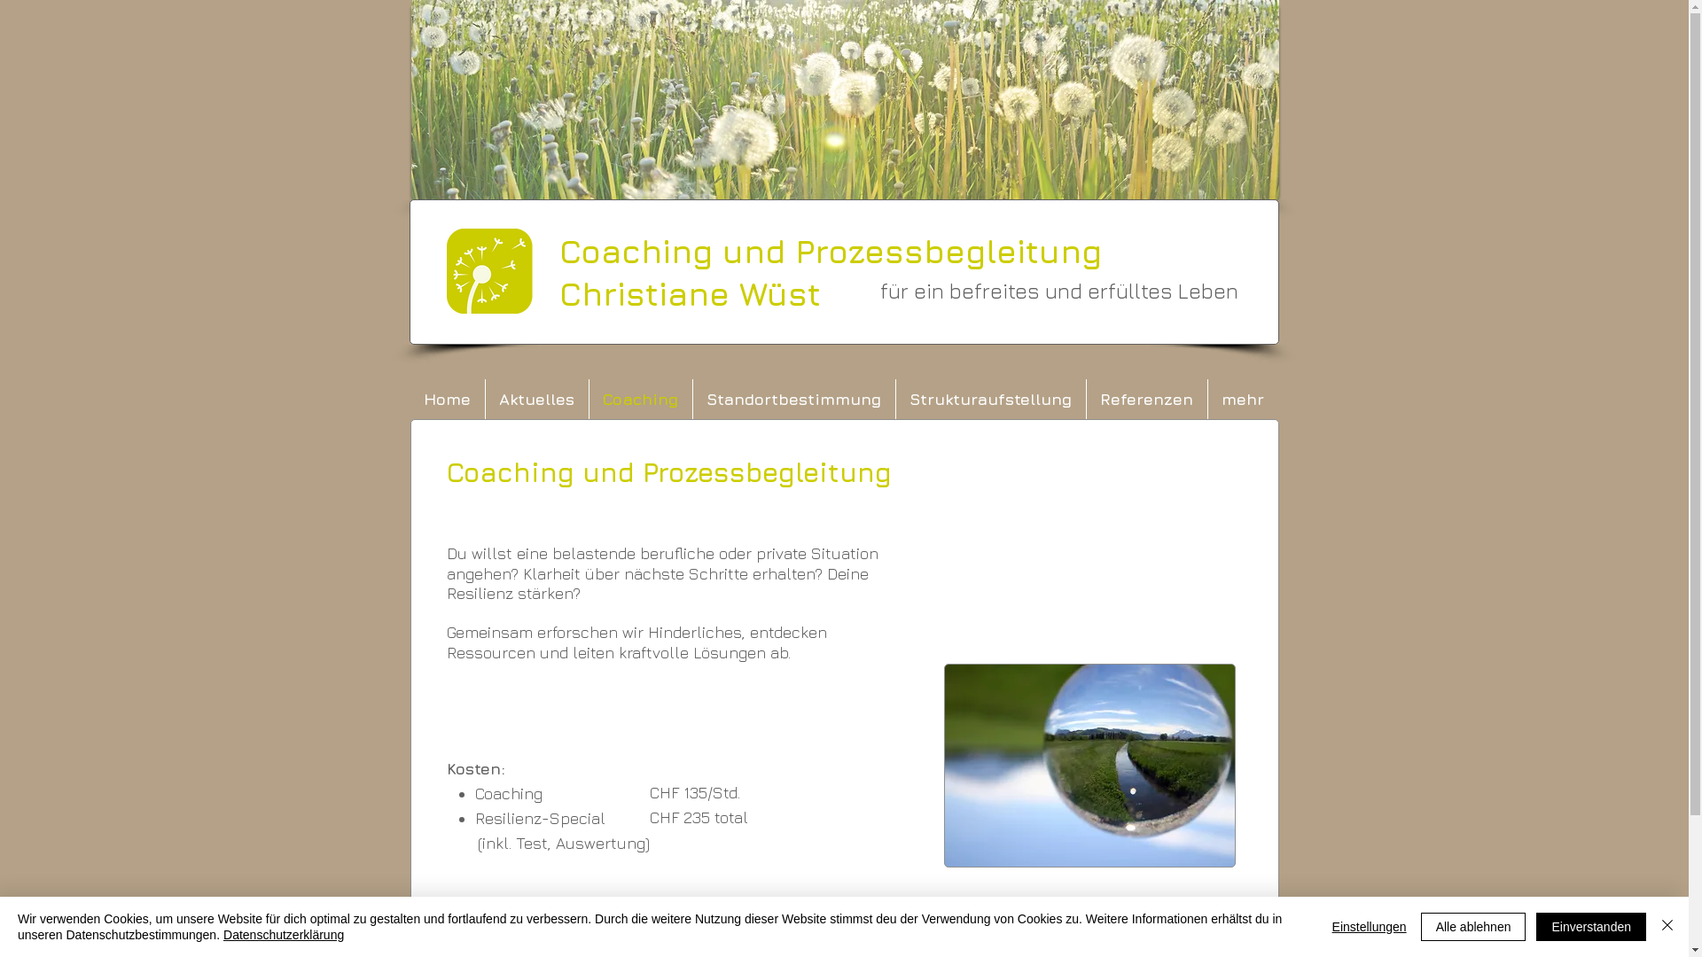  I want to click on 'Coaching', so click(638, 399).